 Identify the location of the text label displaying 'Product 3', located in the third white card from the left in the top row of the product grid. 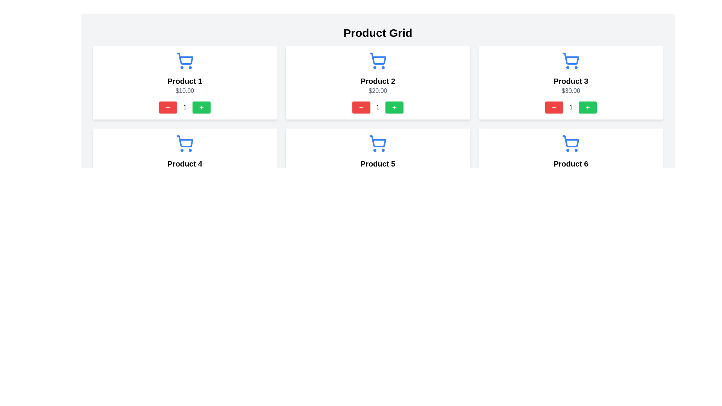
(571, 81).